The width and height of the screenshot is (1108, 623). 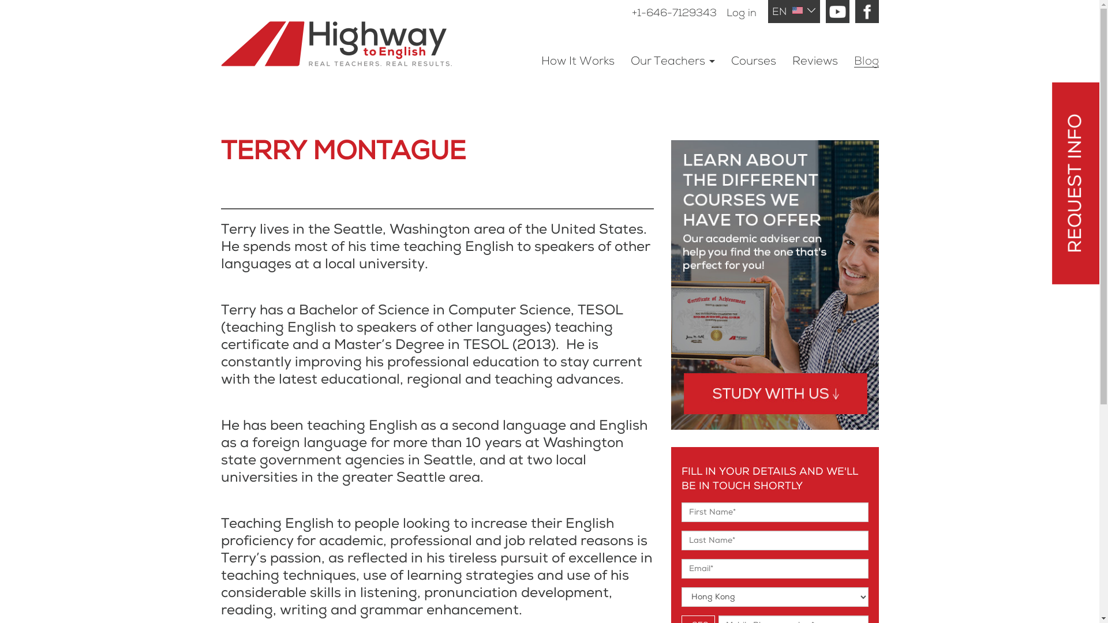 I want to click on 'HighwayToEnglish homepage', so click(x=351, y=32).